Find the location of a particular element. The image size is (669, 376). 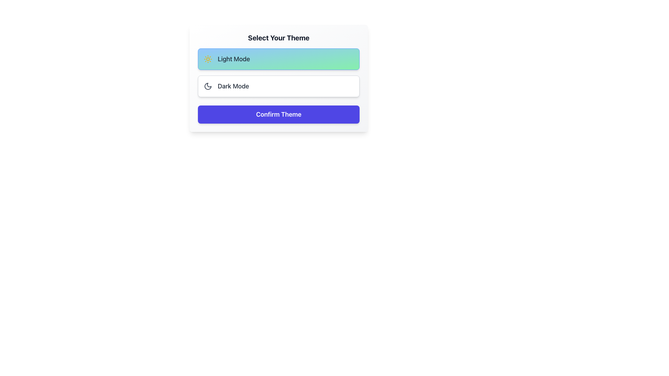

the 'Light Mode' static text label that indicates the theme selection option, which is centrally positioned within a rounded rectangular background near the top of the interface is located at coordinates (234, 58).